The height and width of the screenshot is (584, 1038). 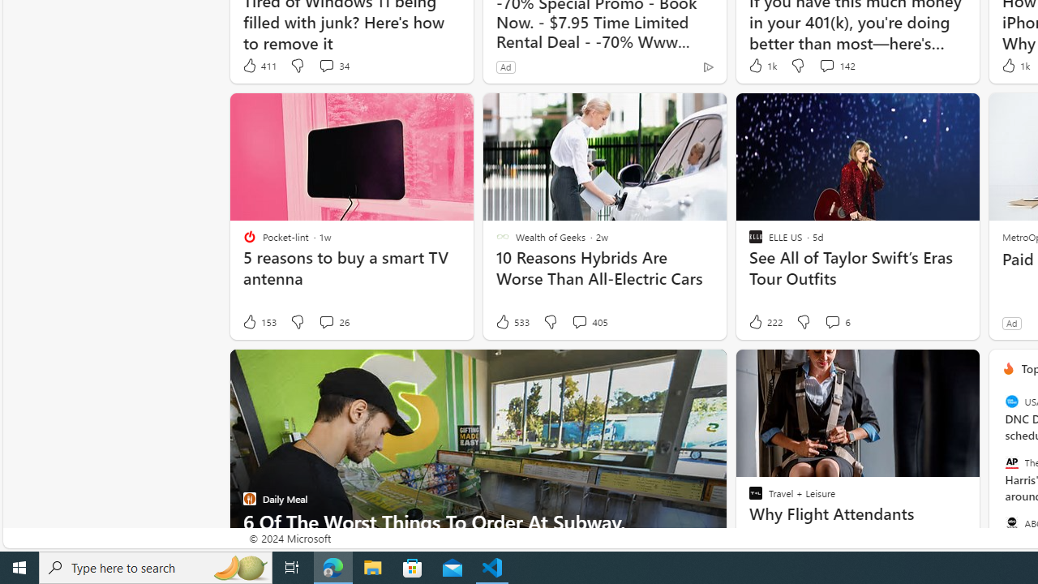 What do you see at coordinates (332, 322) in the screenshot?
I see `'View comments 26 Comment'` at bounding box center [332, 322].